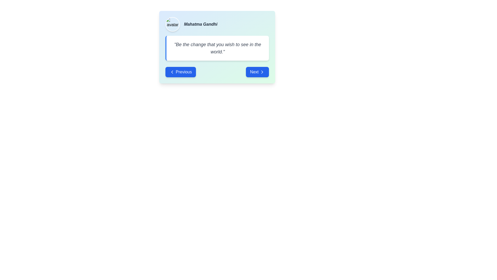 The height and width of the screenshot is (280, 497). What do you see at coordinates (217, 72) in the screenshot?
I see `the Navigation control, which contains 'Previous' and 'Next' buttons positioned at the bottom of a card element` at bounding box center [217, 72].